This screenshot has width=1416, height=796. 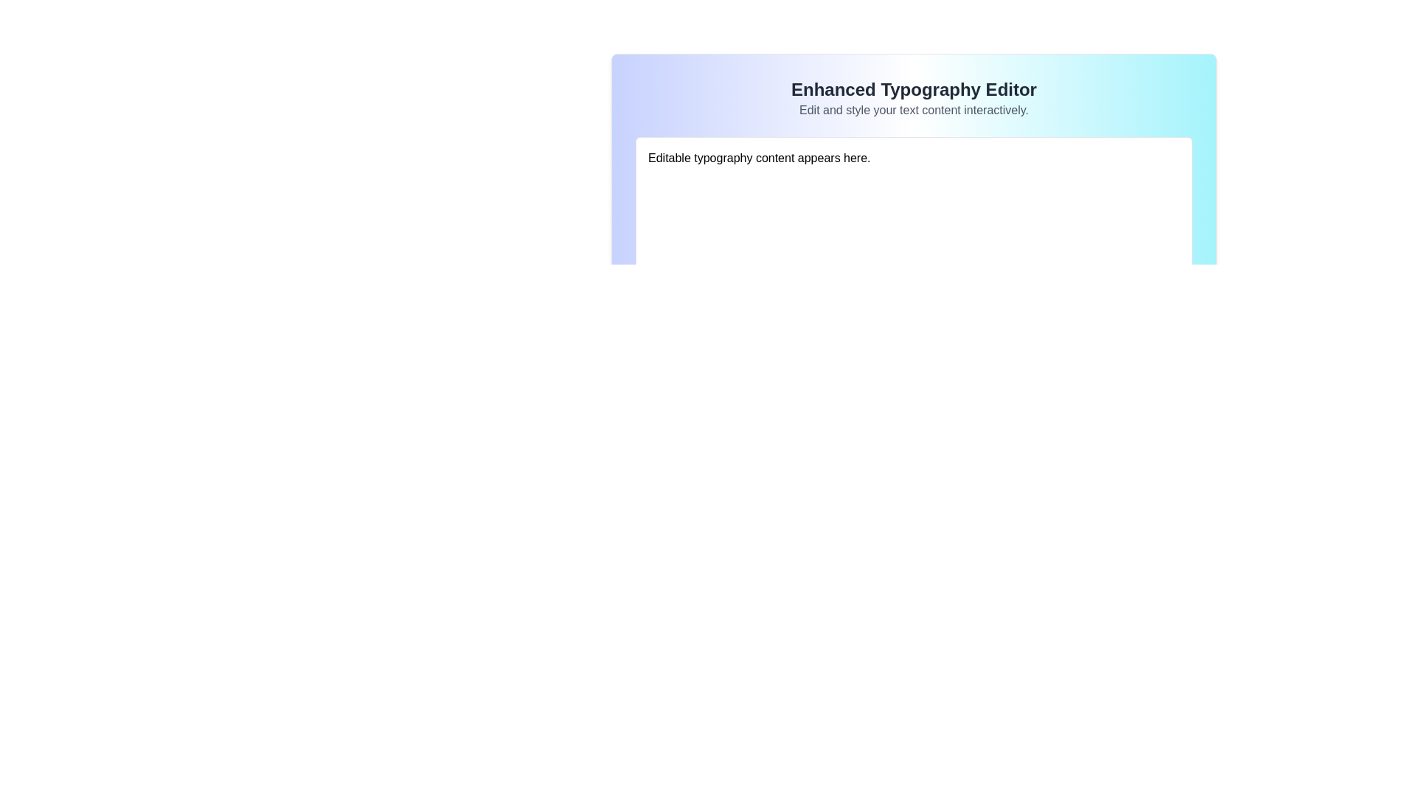 What do you see at coordinates (913, 150) in the screenshot?
I see `the text within the Interactive text editing area titled 'Enhanced Typography Editor', which contains the text 'Editable typography content appears here.'` at bounding box center [913, 150].